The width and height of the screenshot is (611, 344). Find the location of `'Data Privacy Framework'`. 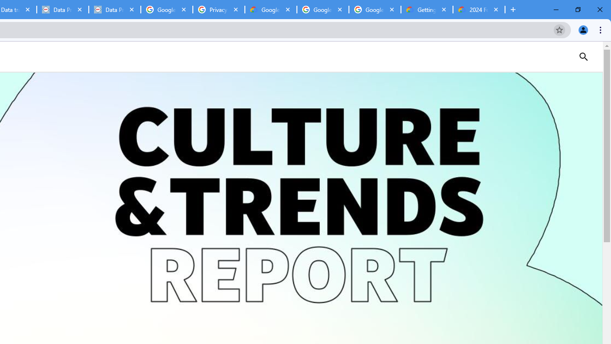

'Data Privacy Framework' is located at coordinates (62, 10).